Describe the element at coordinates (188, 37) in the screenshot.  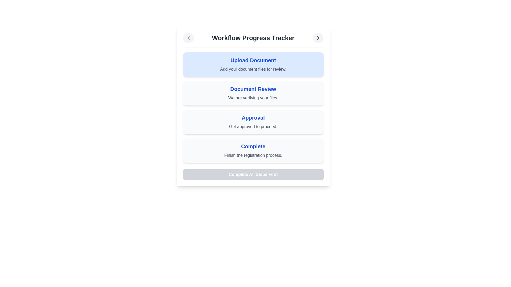
I see `the small circular button with a light gray background and a left-pointing chevron icon` at that location.